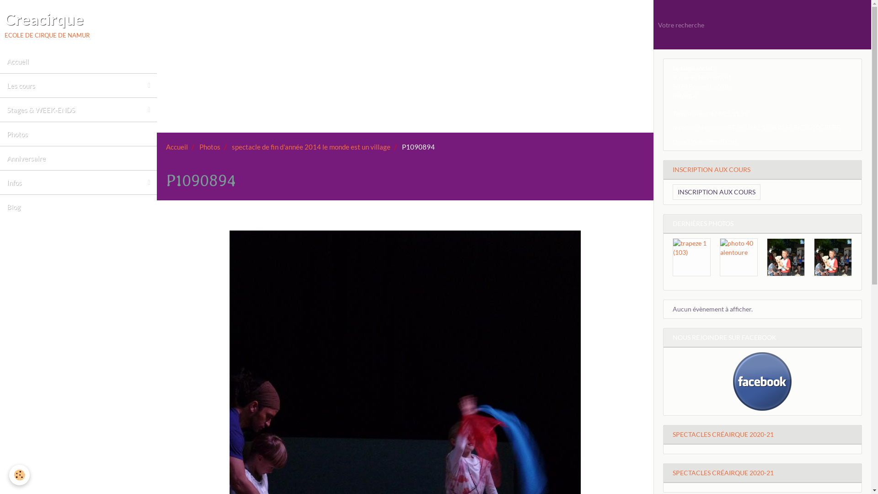  I want to click on 'Photos', so click(78, 134).